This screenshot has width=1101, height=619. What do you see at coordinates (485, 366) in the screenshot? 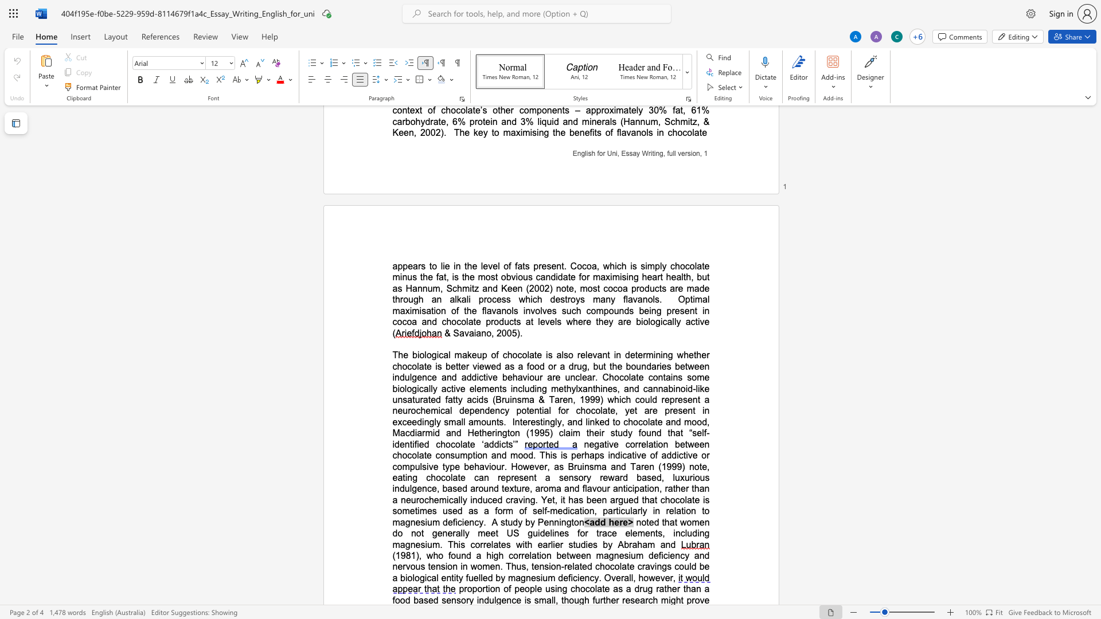
I see `the space between the continuous character "e" and "w" in the text` at bounding box center [485, 366].